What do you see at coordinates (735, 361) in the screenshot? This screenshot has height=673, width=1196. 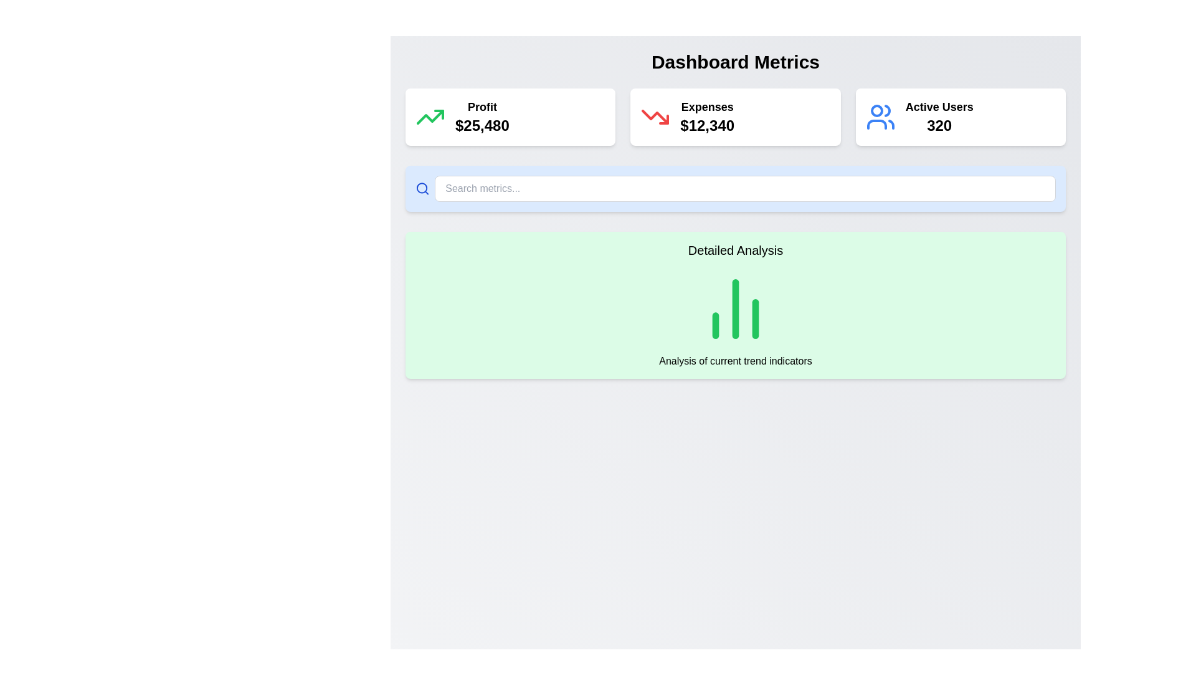 I see `descriptive text block located at the bottom of the green section, centered below the 'Detailed Analysis' chart` at bounding box center [735, 361].